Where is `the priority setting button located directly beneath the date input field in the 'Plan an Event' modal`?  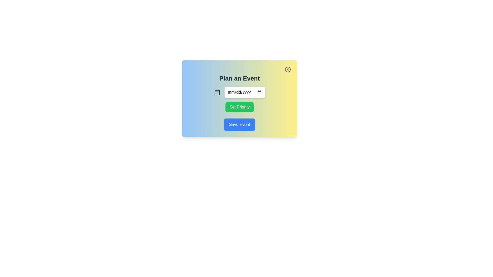 the priority setting button located directly beneath the date input field in the 'Plan an Event' modal is located at coordinates (239, 107).